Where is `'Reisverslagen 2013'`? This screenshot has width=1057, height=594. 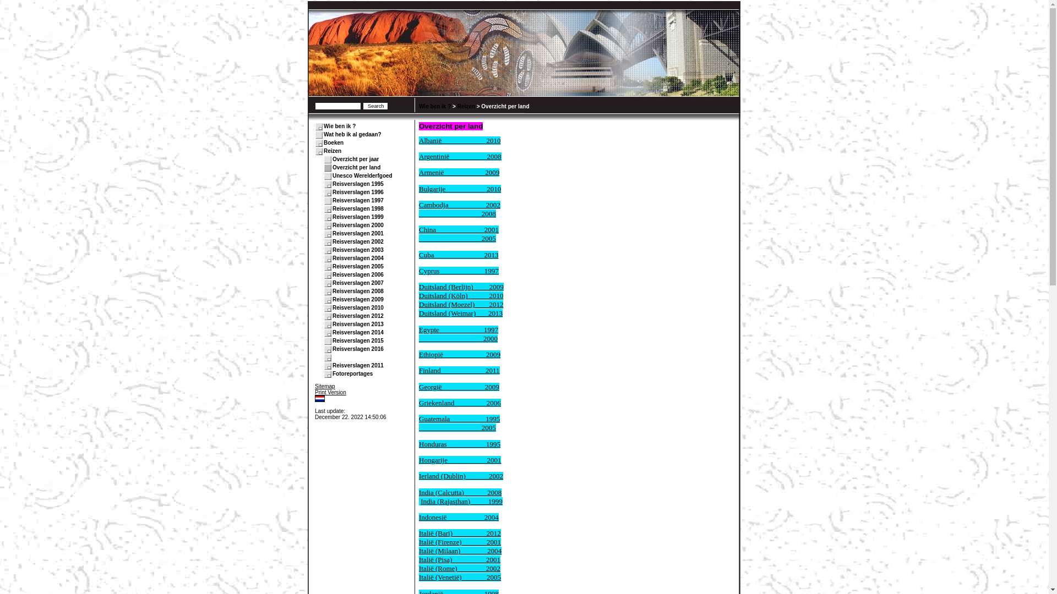 'Reisverslagen 2013' is located at coordinates (332, 323).